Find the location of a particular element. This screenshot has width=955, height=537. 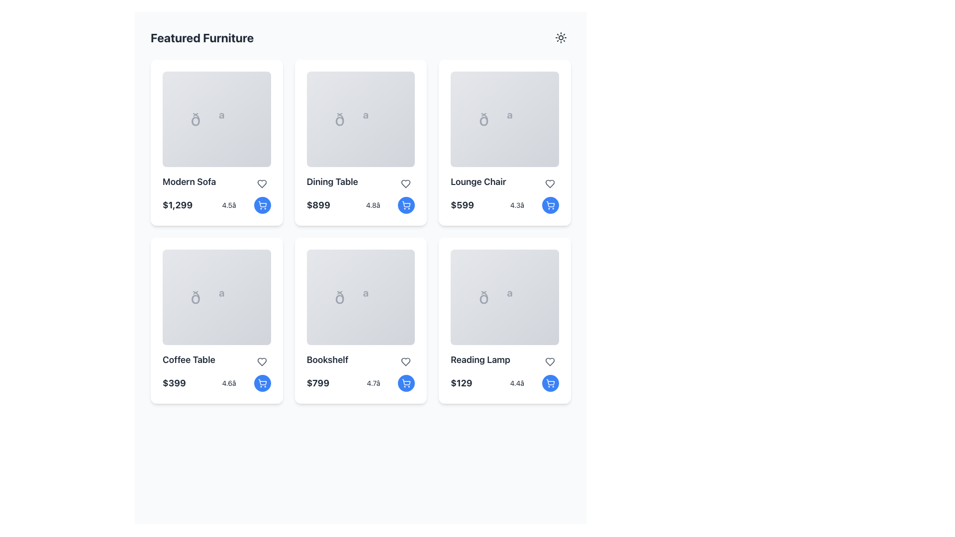

the heart-shaped IconButton filled with gray color located in the top-right corner of the 'Lounge Chair' product card is located at coordinates (549, 184).